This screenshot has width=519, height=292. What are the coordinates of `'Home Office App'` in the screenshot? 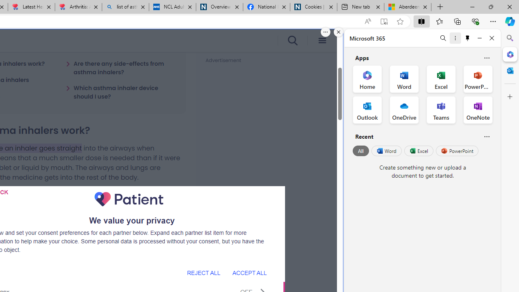 It's located at (367, 79).